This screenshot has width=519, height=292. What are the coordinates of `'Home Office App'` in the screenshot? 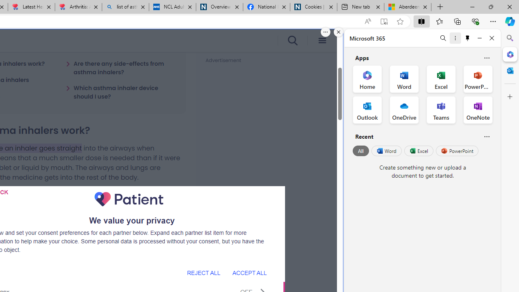 It's located at (367, 79).